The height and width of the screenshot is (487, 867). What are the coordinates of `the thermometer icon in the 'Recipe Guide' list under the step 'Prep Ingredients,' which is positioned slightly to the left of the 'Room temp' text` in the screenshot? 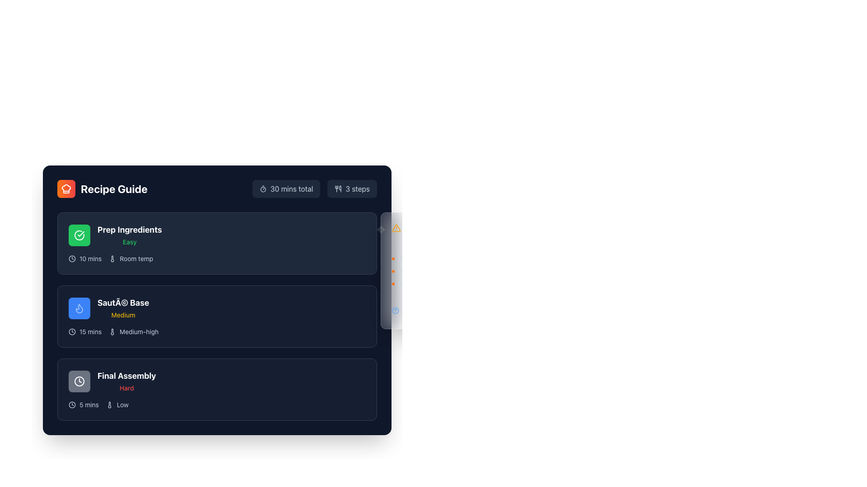 It's located at (112, 259).